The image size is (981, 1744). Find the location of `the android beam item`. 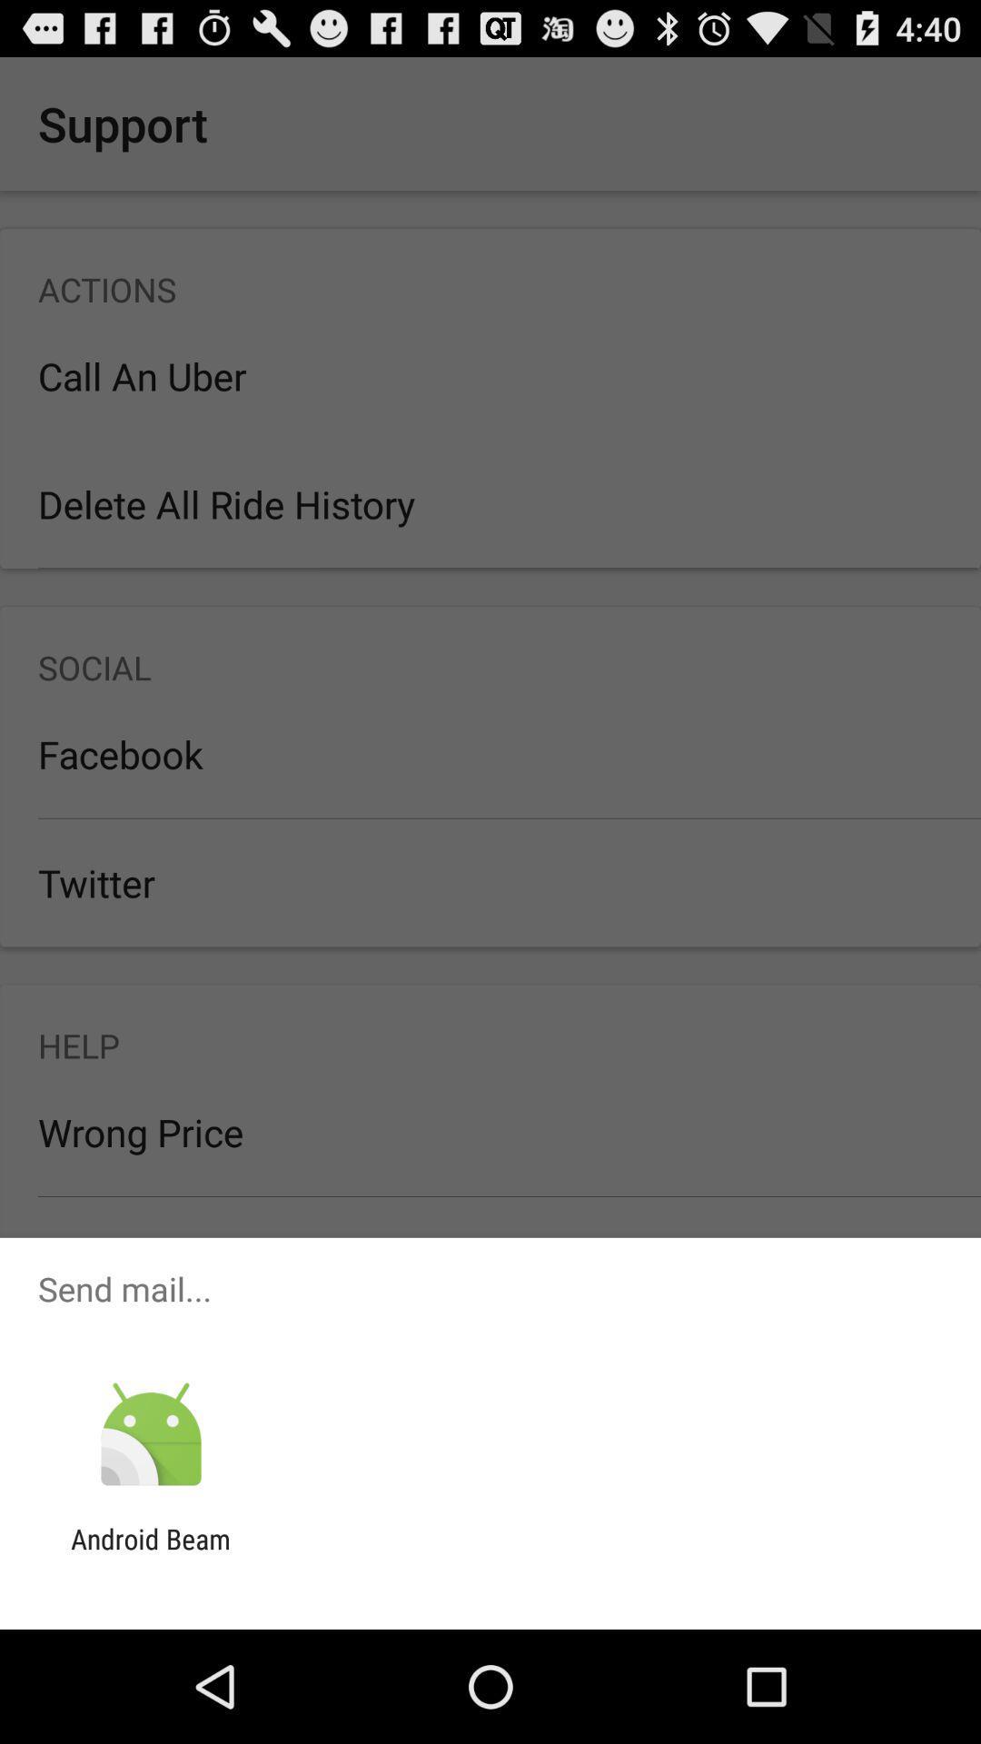

the android beam item is located at coordinates (150, 1554).